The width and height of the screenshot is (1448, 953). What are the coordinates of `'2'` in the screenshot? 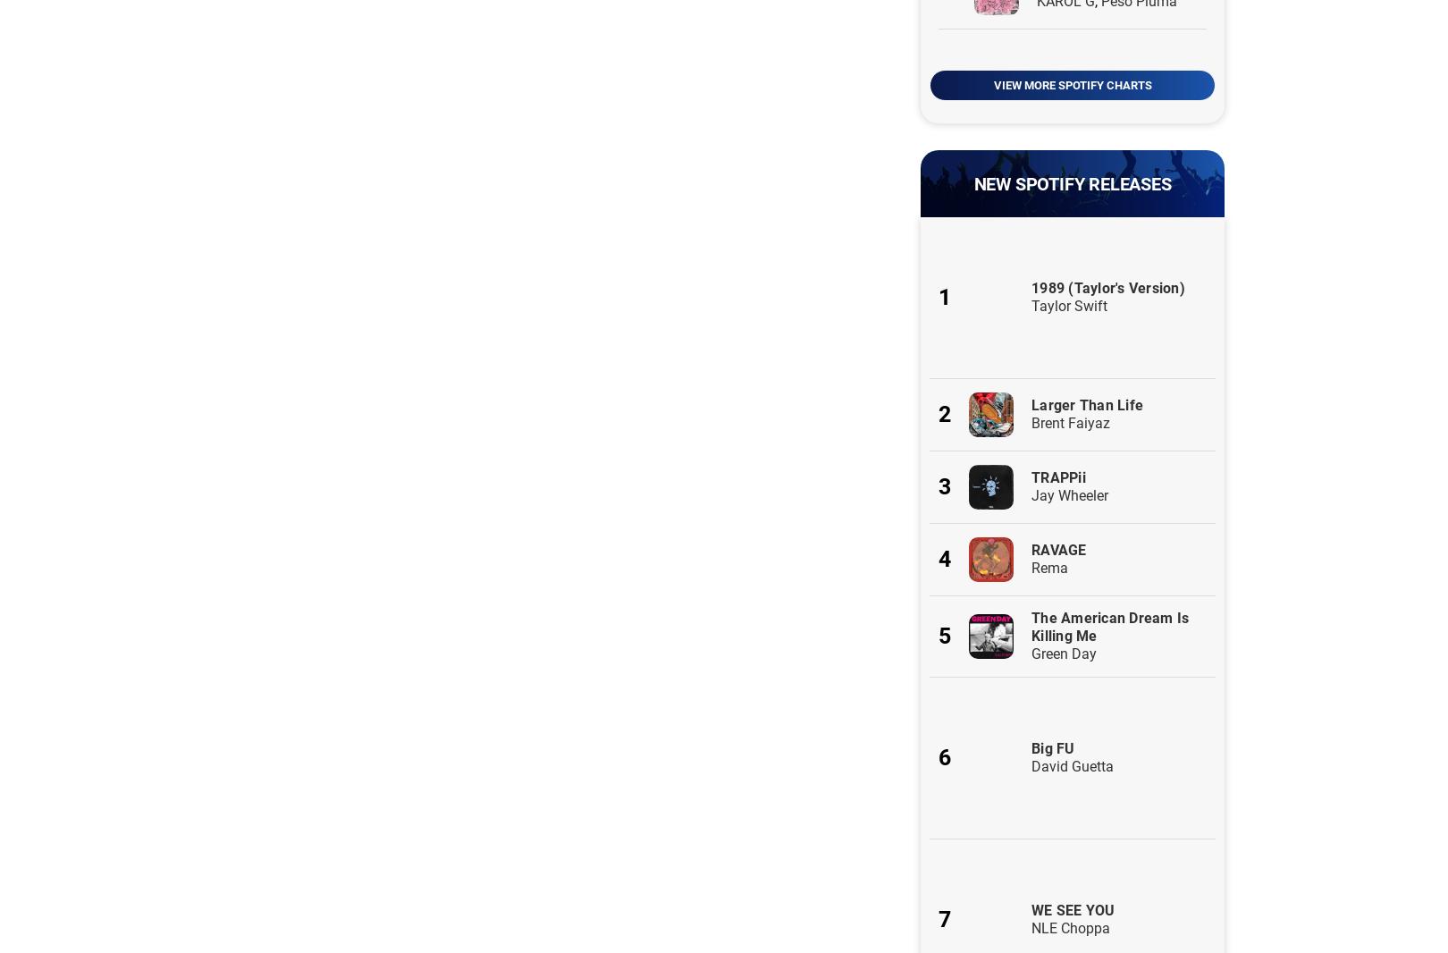 It's located at (944, 414).